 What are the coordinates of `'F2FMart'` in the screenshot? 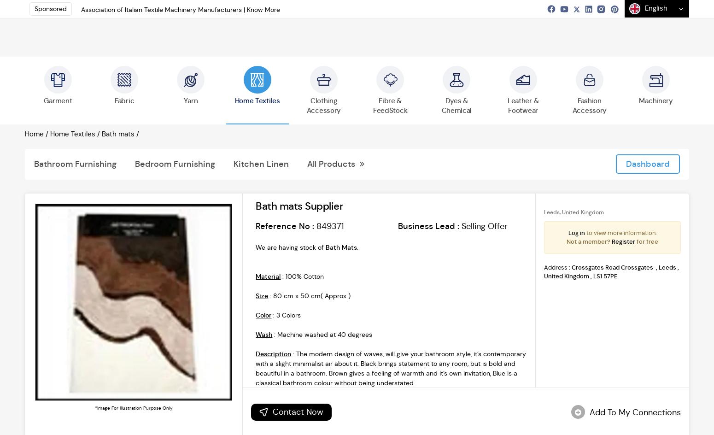 It's located at (437, 158).